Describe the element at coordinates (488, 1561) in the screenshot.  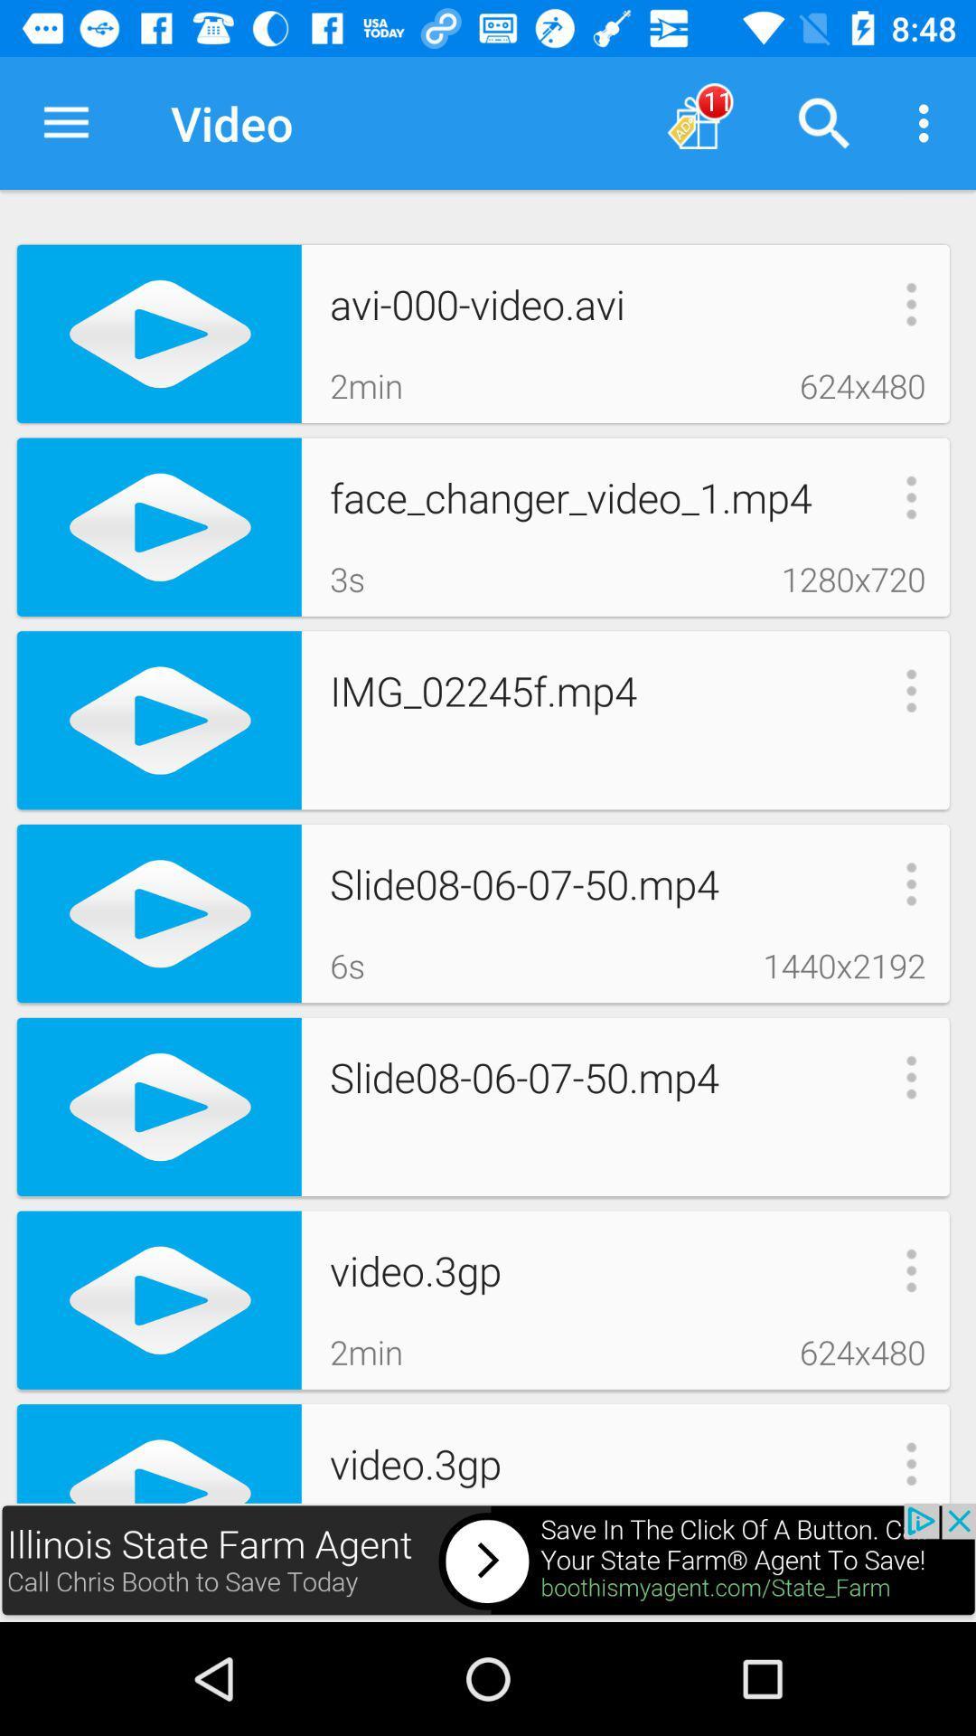
I see `it and advertisement you can click on` at that location.